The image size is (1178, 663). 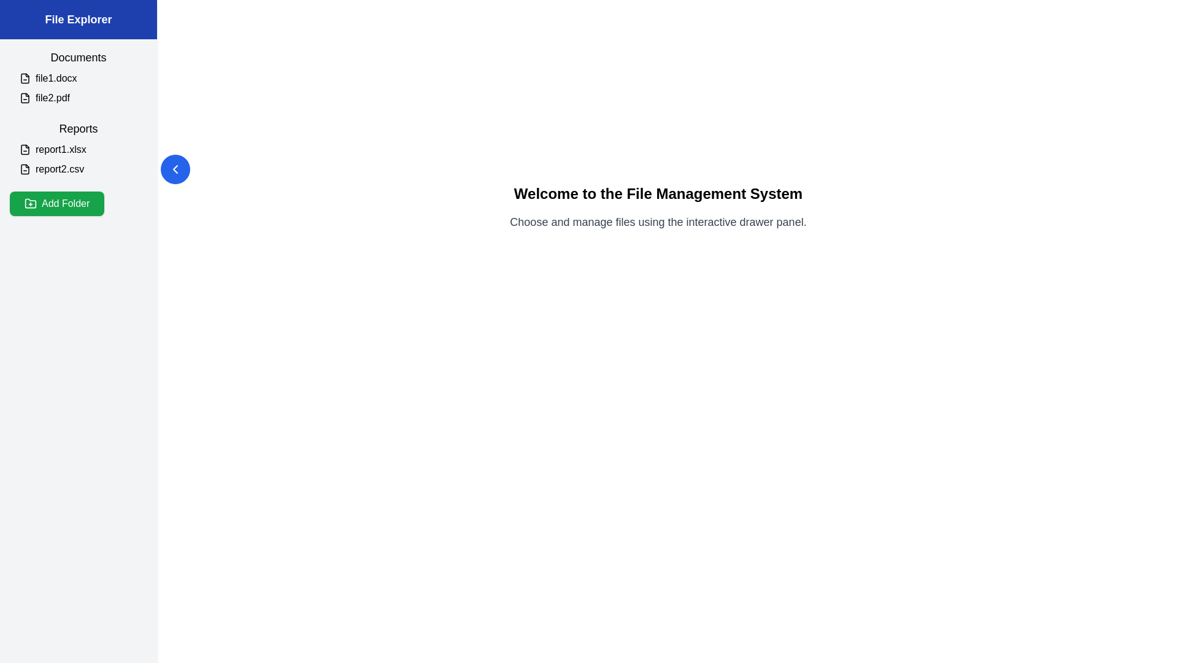 I want to click on the circular blue button with a white chevron pointing left, so click(x=175, y=169).